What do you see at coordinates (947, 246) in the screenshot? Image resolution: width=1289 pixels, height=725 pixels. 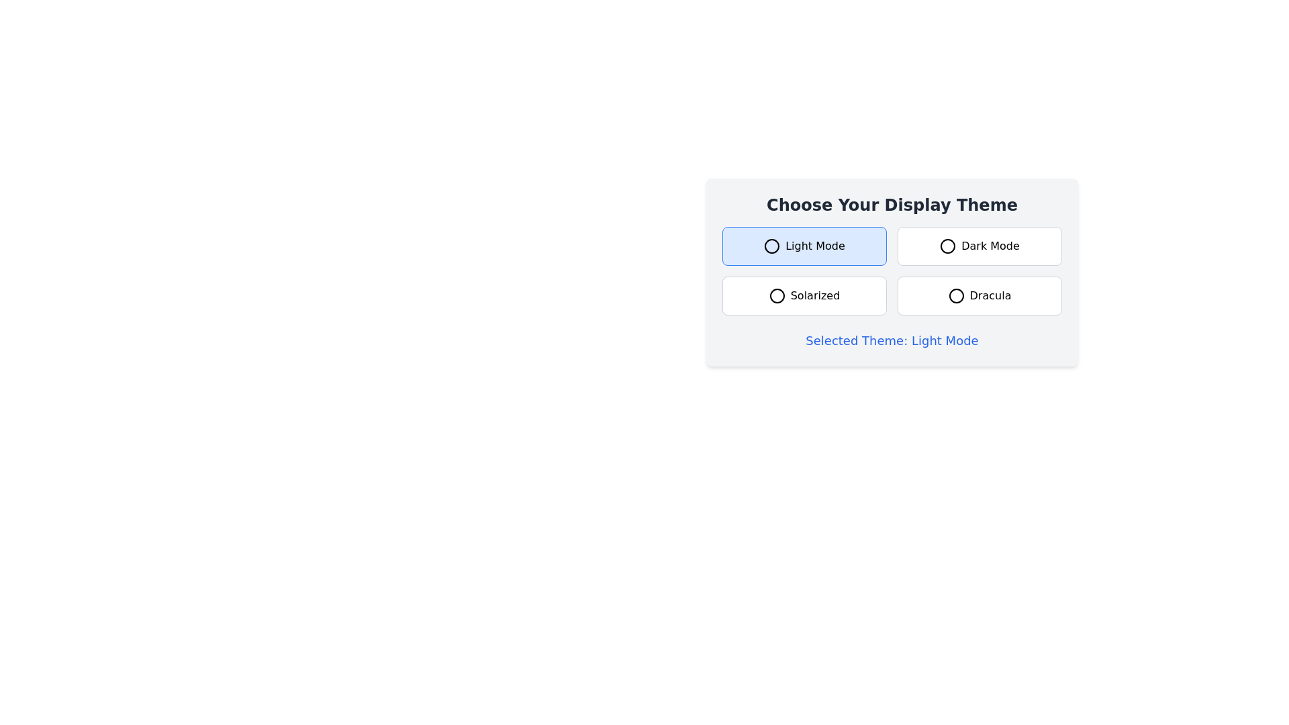 I see `the unfilled circular radio button for 'Dark Mode' located within the 'Choose Your Display Theme' selection interface to visualize its hover effects` at bounding box center [947, 246].